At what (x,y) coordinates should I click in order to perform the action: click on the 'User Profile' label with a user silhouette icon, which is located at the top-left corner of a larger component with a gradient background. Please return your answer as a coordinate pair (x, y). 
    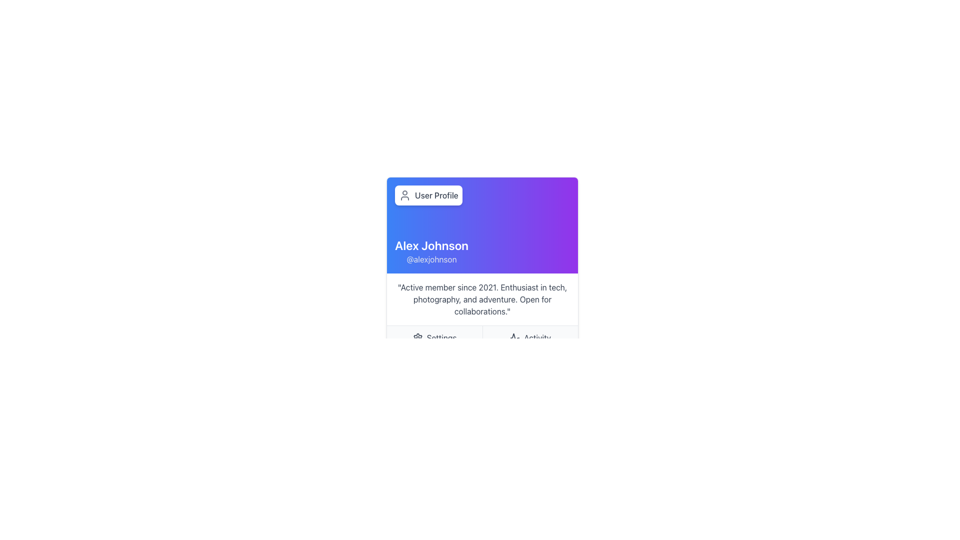
    Looking at the image, I should click on (428, 195).